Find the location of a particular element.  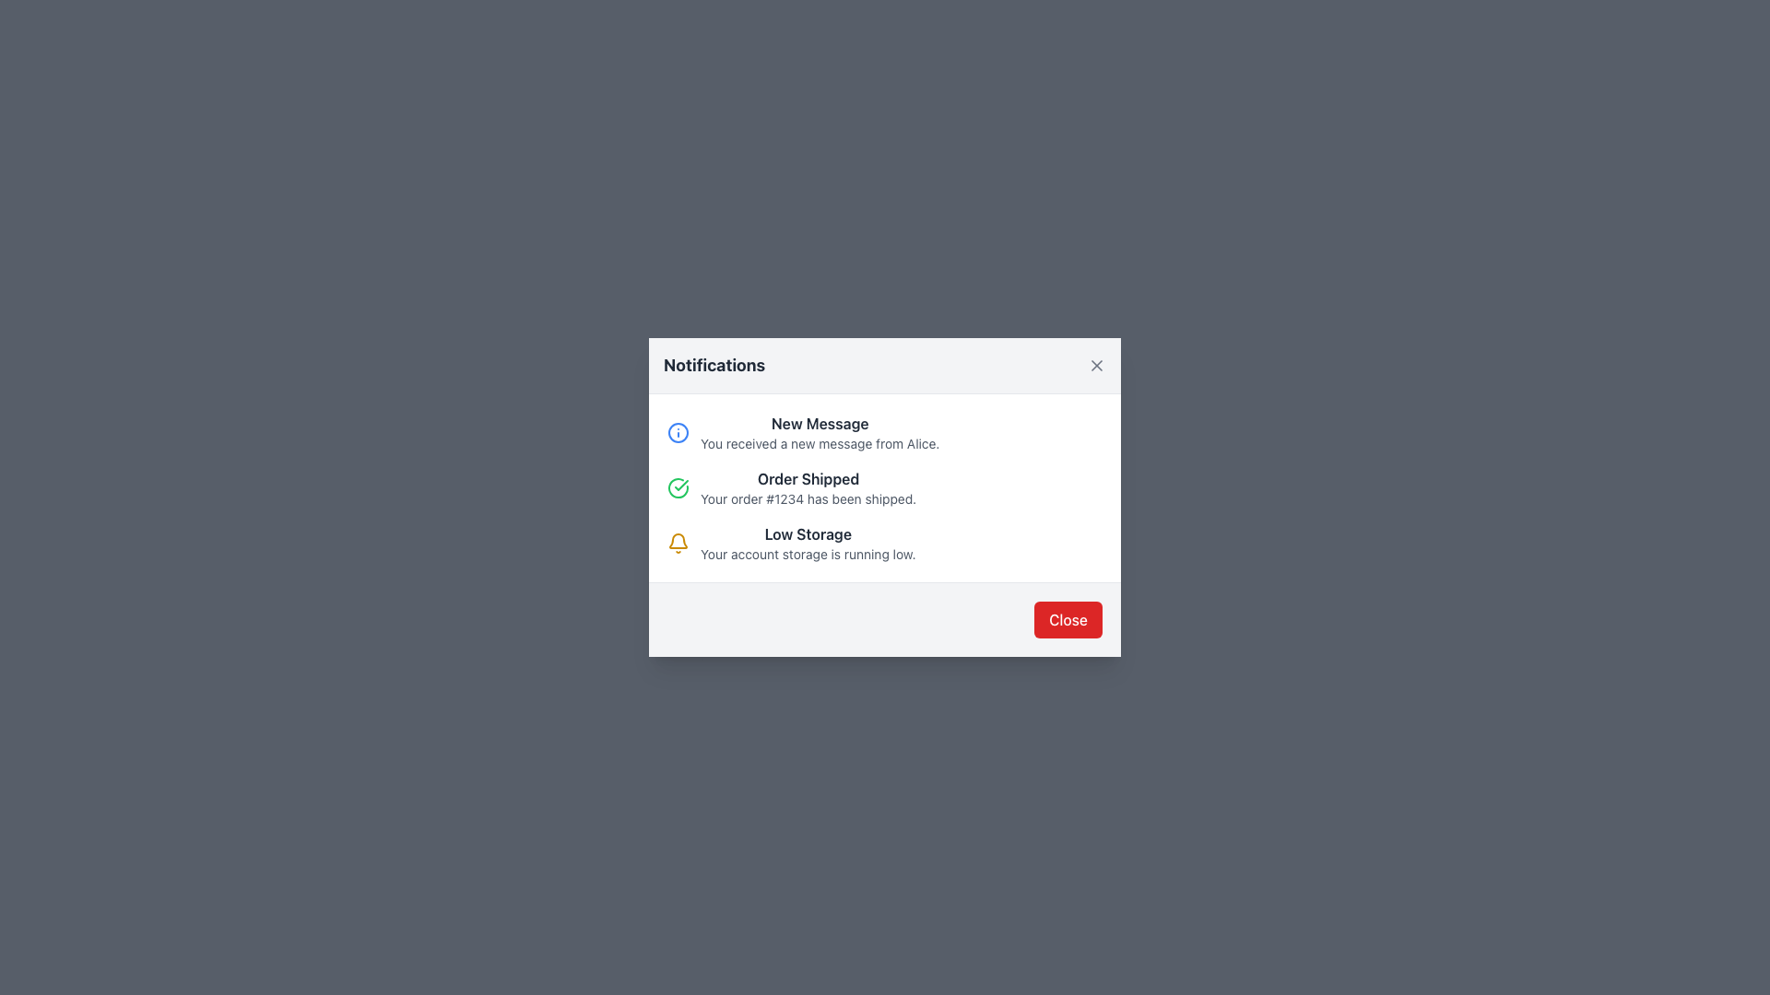

the bold, dark gray text reading 'Low Storage' in the third notification item of the 'Notifications' dialog box is located at coordinates (808, 533).